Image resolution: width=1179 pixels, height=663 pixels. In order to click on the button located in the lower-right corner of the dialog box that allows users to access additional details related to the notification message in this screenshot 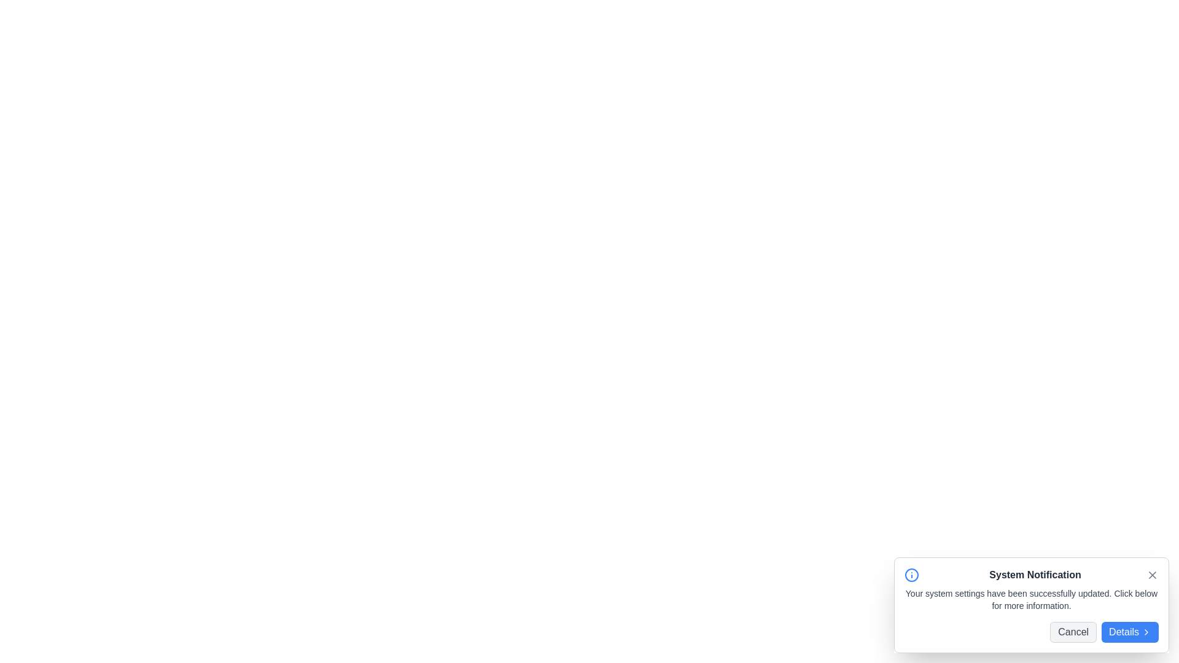, I will do `click(1130, 632)`.